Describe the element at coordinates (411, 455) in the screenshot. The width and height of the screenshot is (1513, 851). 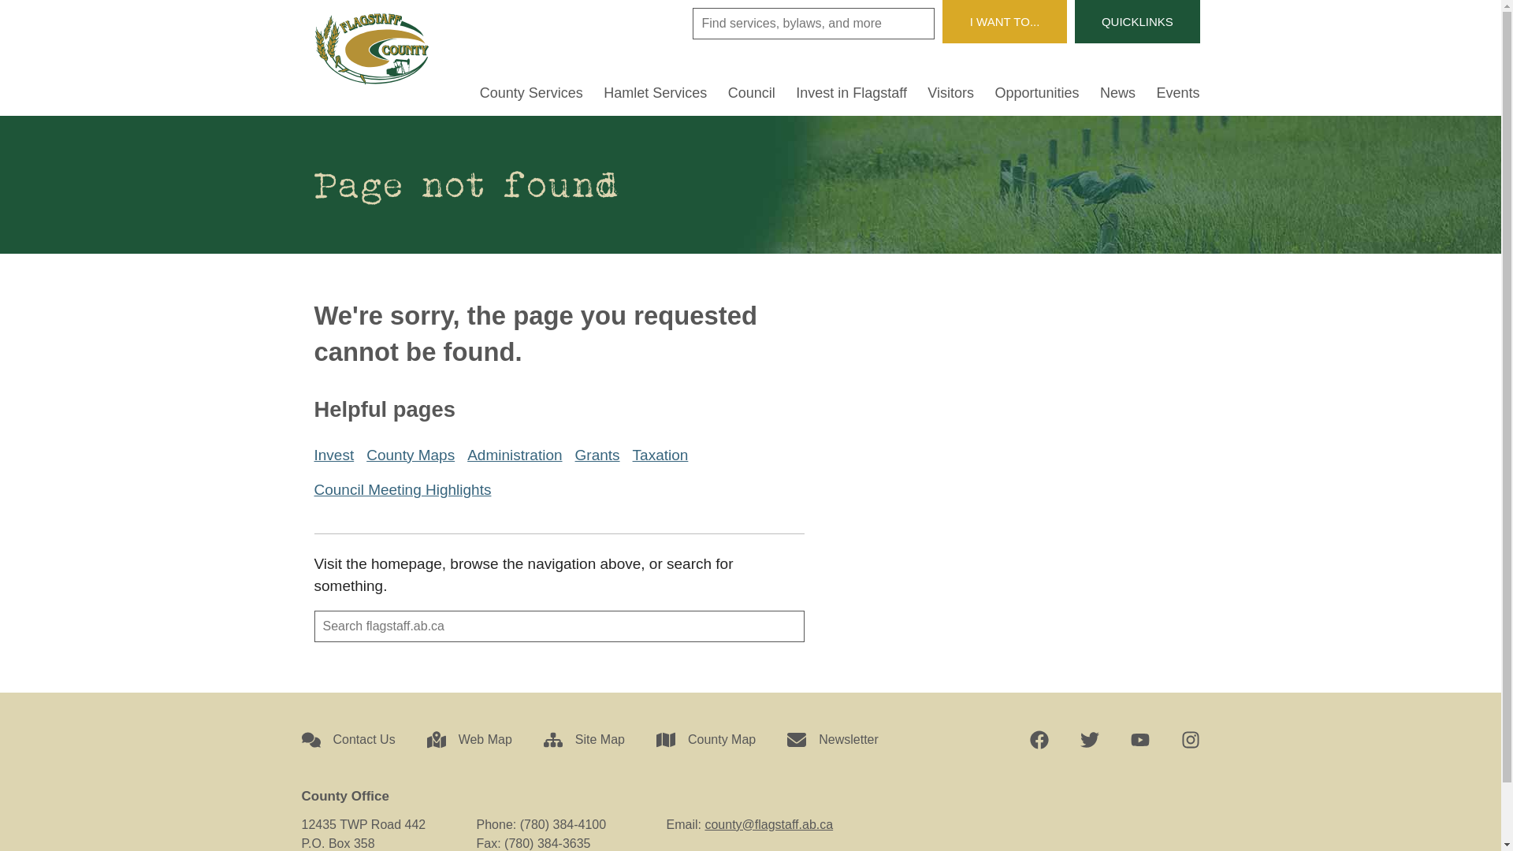
I see `'County Maps'` at that location.